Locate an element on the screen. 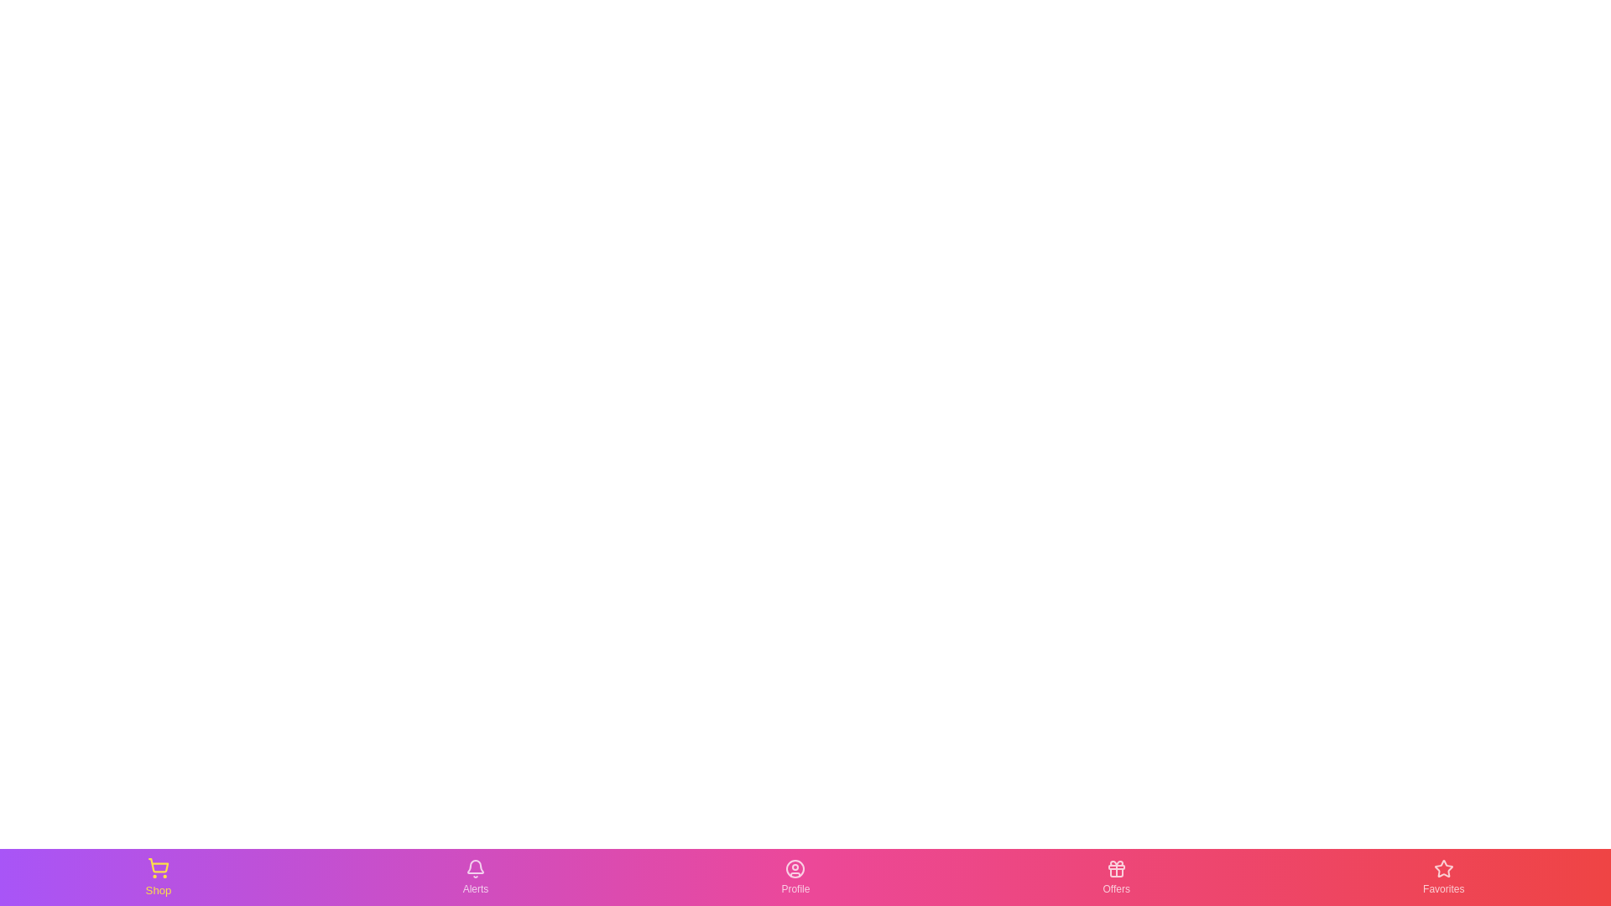  the Offers tab in the bottom navigation bar is located at coordinates (1116, 876).